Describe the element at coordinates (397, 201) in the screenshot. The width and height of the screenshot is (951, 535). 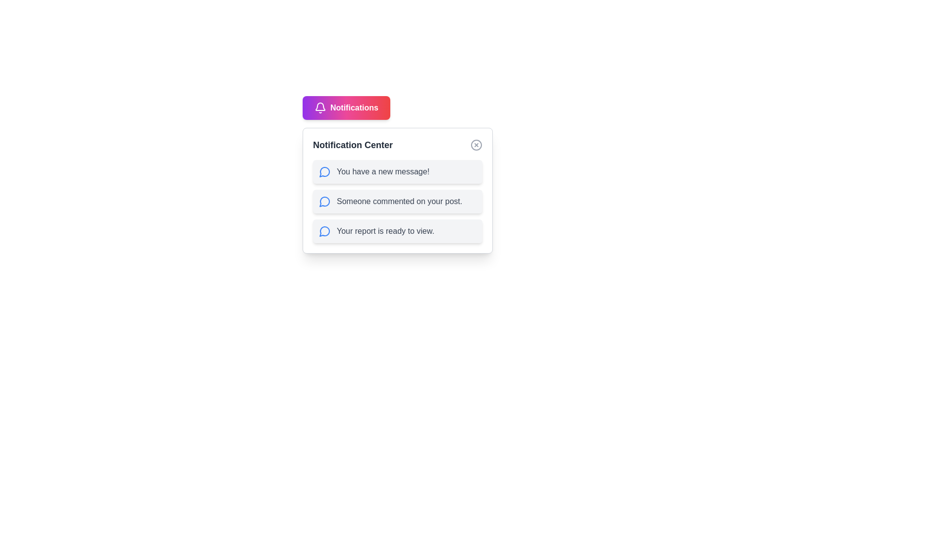
I see `an individual notification in the Notification Center to interact with or view details` at that location.